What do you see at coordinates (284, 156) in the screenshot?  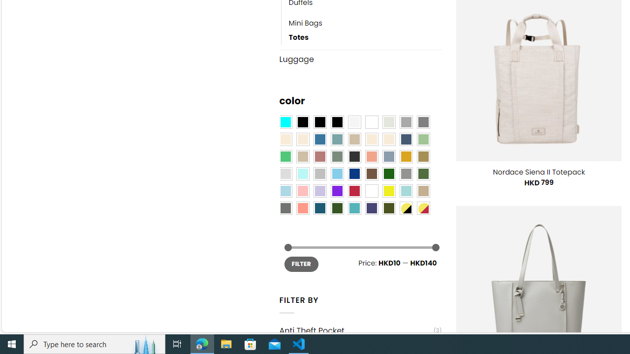 I see `'Emerald Green'` at bounding box center [284, 156].